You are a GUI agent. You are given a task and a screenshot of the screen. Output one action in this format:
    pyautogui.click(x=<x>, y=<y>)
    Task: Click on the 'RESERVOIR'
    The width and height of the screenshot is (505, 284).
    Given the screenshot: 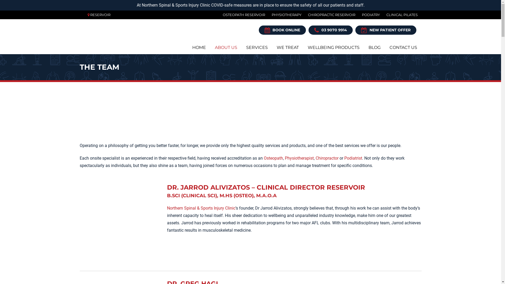 What is the action you would take?
    pyautogui.click(x=100, y=14)
    